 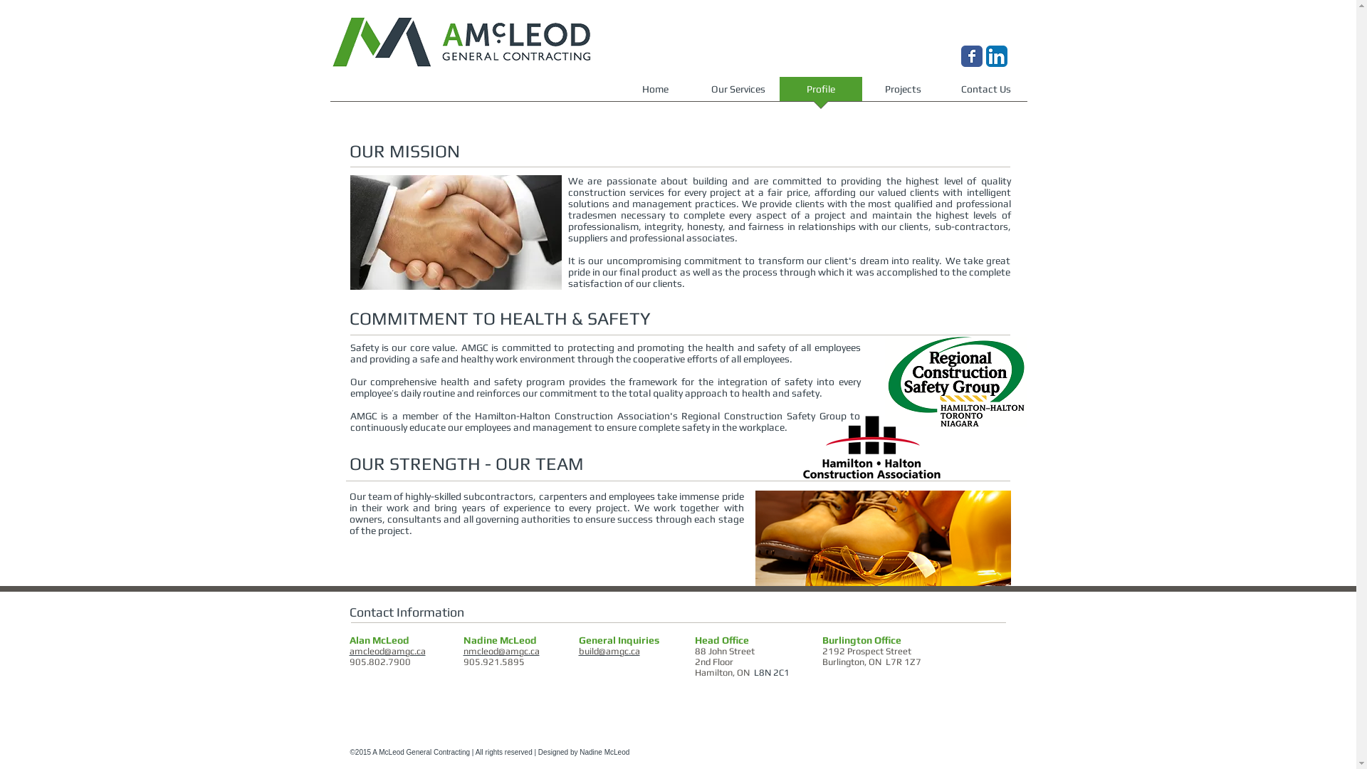 What do you see at coordinates (387, 651) in the screenshot?
I see `'amcleod@amgc.ca'` at bounding box center [387, 651].